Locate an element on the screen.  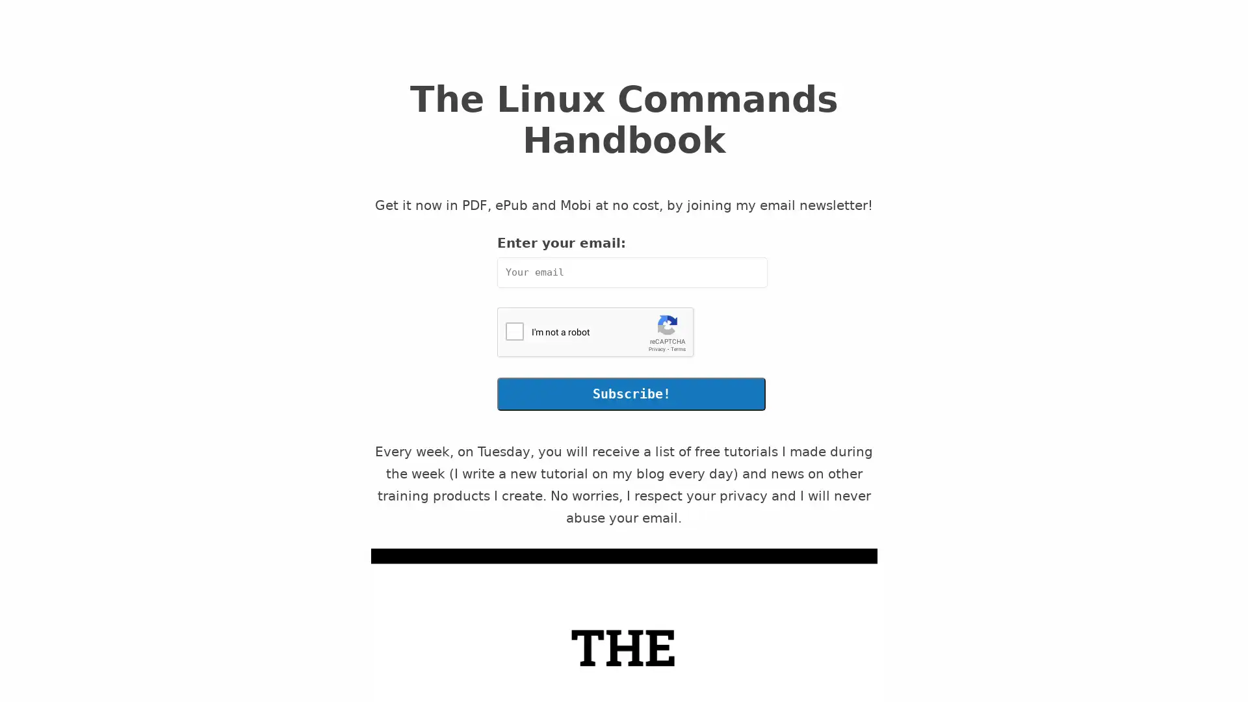
Subscribe! is located at coordinates (631, 393).